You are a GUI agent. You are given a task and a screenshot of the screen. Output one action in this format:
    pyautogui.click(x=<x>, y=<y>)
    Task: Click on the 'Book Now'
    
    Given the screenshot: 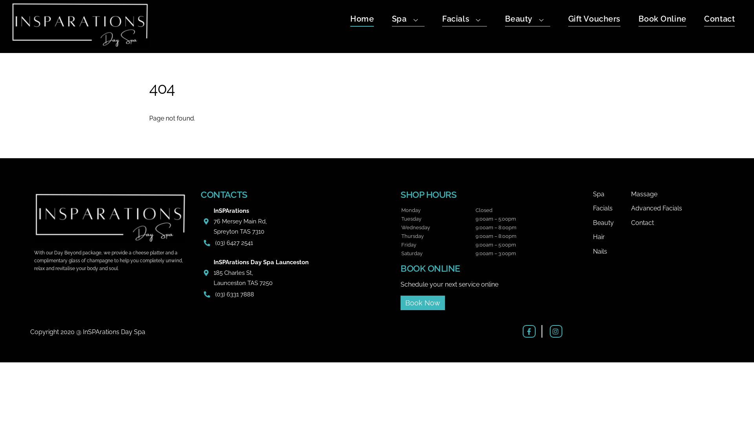 What is the action you would take?
    pyautogui.click(x=422, y=302)
    